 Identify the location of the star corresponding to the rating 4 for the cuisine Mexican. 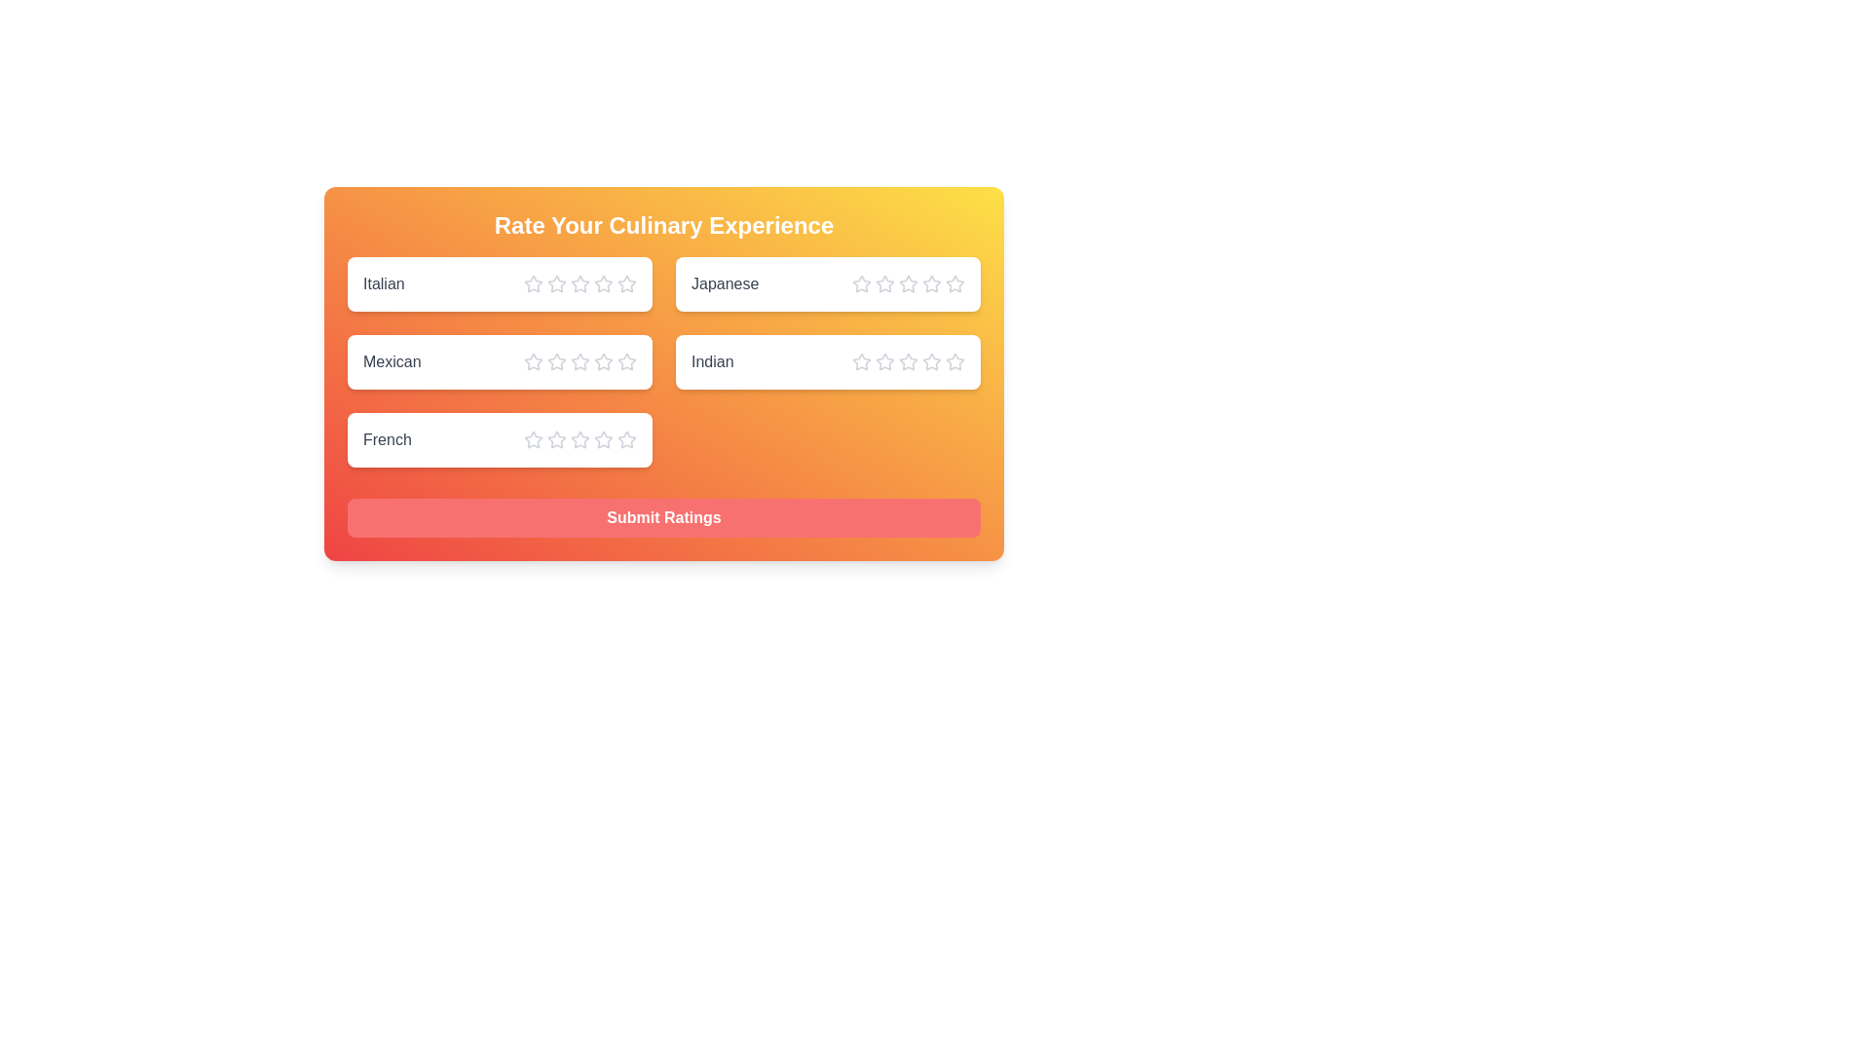
(602, 361).